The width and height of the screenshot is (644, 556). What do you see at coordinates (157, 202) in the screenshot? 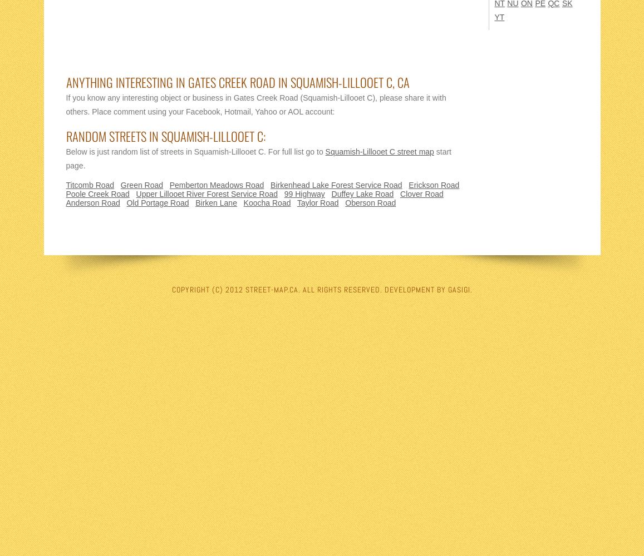
I see `'Old Portage Road'` at bounding box center [157, 202].